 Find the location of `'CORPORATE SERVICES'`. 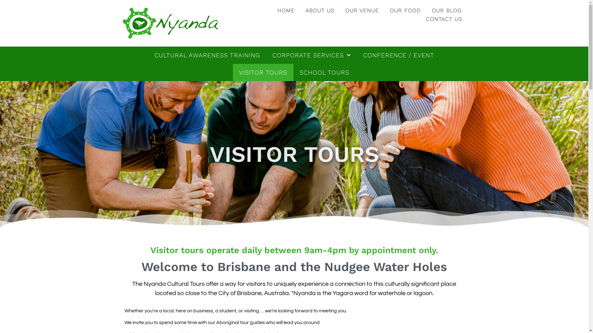

'CORPORATE SERVICES' is located at coordinates (311, 55).